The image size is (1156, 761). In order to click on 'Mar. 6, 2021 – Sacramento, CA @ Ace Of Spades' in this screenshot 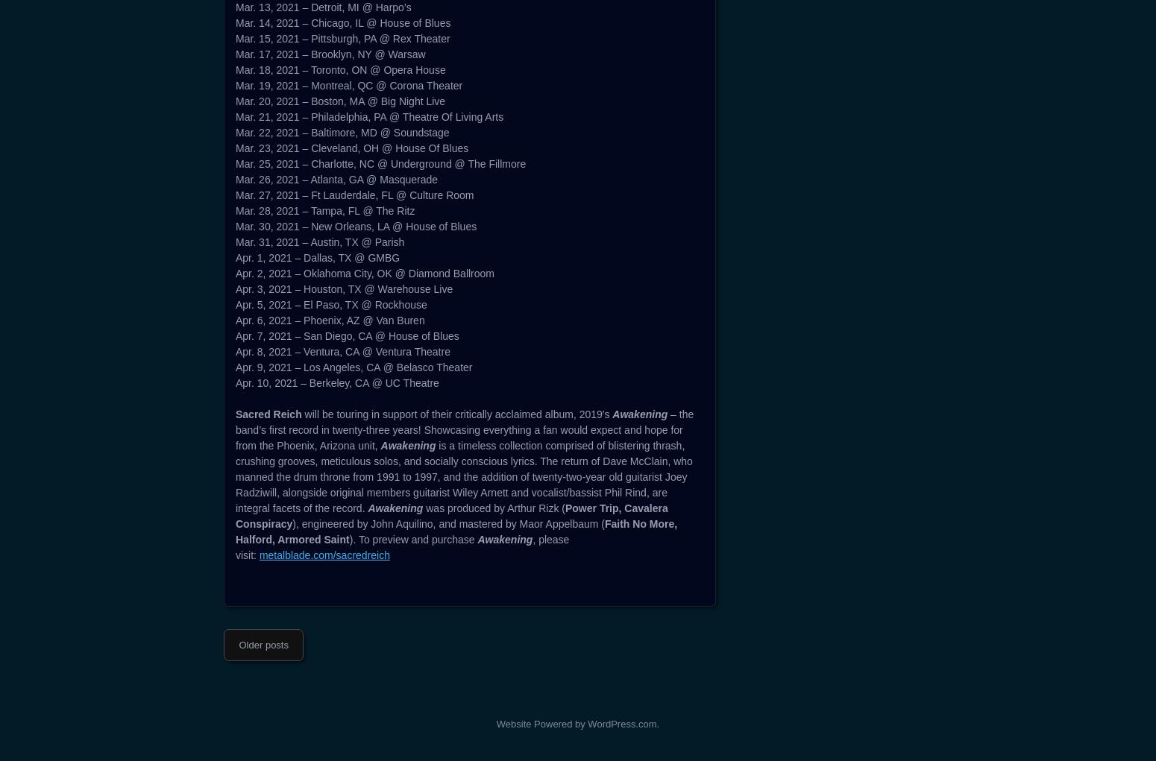, I will do `click(351, 347)`.